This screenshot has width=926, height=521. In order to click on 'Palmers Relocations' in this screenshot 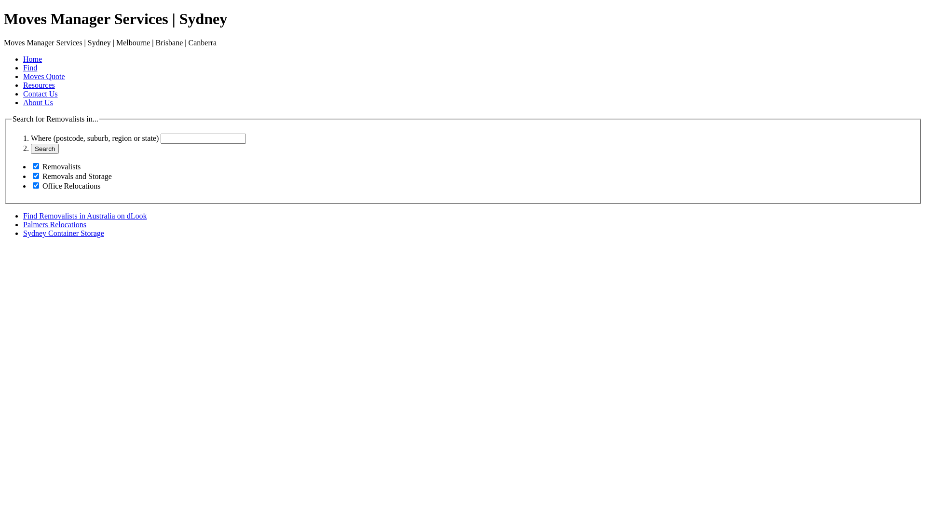, I will do `click(54, 224)`.